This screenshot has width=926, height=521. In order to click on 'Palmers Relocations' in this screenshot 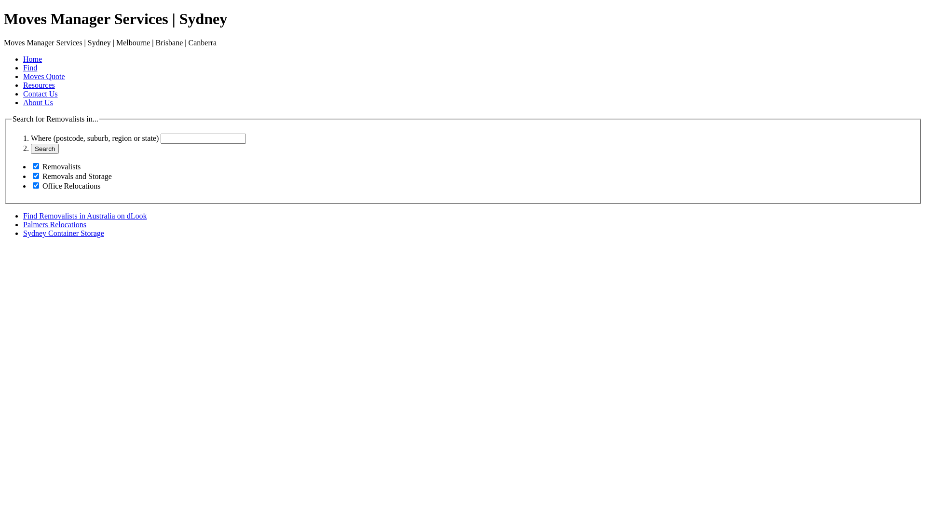, I will do `click(54, 224)`.